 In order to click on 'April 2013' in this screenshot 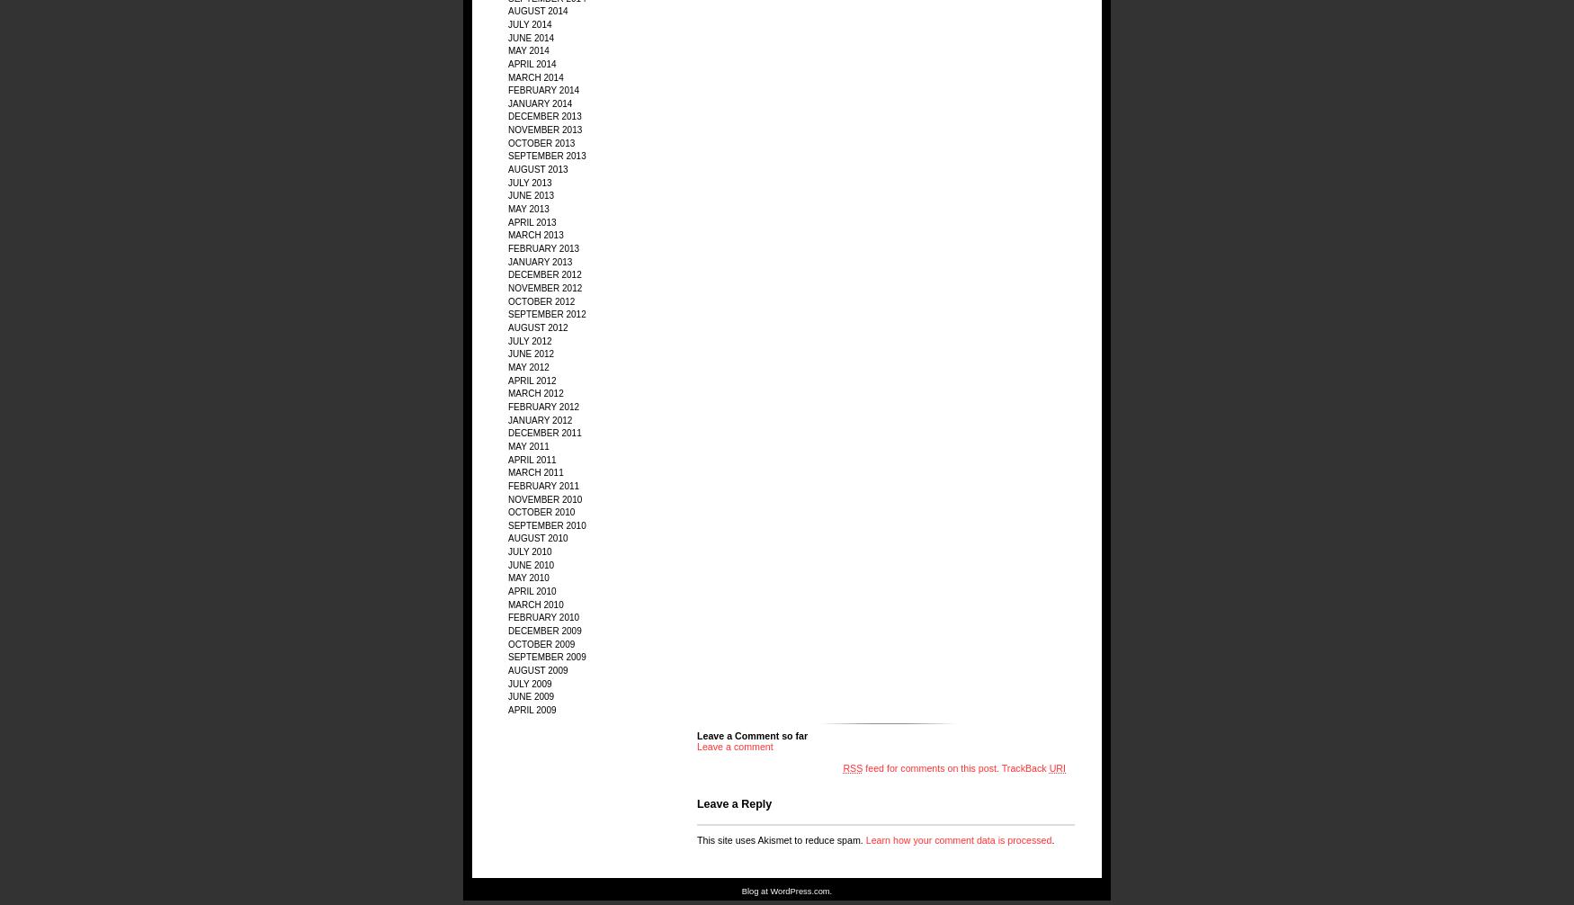, I will do `click(508, 221)`.